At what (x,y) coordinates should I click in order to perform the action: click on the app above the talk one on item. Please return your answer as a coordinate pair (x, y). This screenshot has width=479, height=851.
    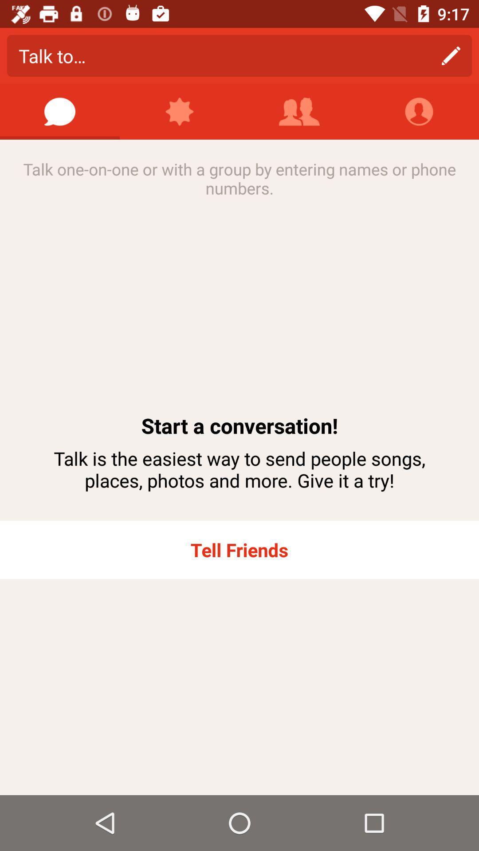
    Looking at the image, I should click on (419, 111).